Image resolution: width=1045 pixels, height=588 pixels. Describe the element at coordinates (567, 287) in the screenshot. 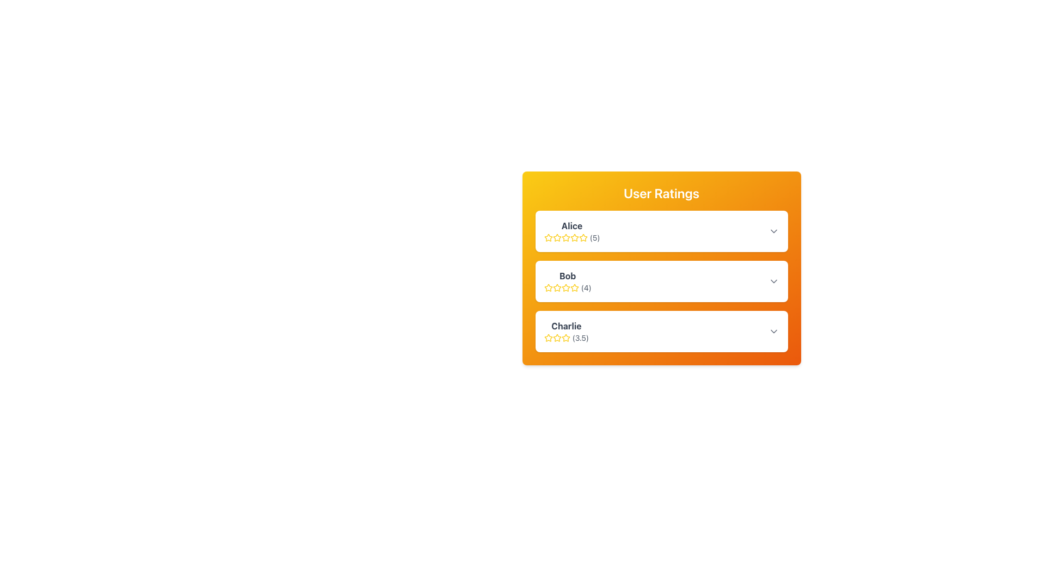

I see `the Rating indicator displaying a score of 4 out of 5 for the user 'Bob', located in the second row of the 'User Ratings' section` at that location.